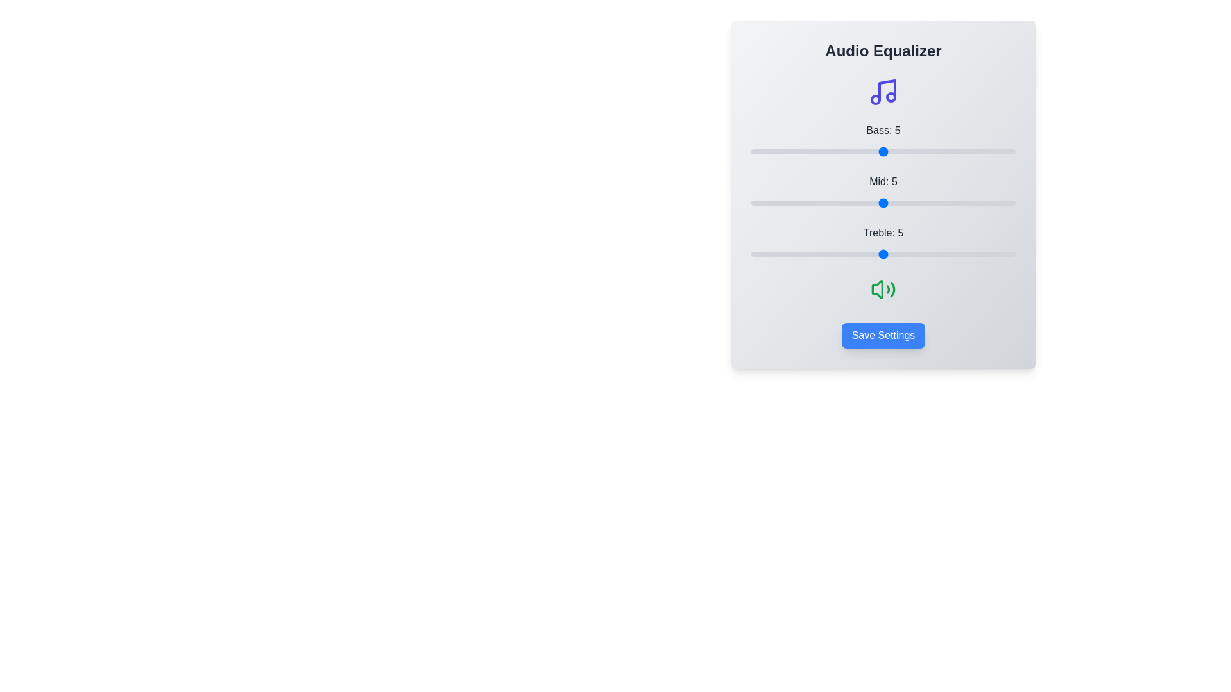 Image resolution: width=1231 pixels, height=692 pixels. What do you see at coordinates (909, 202) in the screenshot?
I see `the Mid slider to set its value to 6` at bounding box center [909, 202].